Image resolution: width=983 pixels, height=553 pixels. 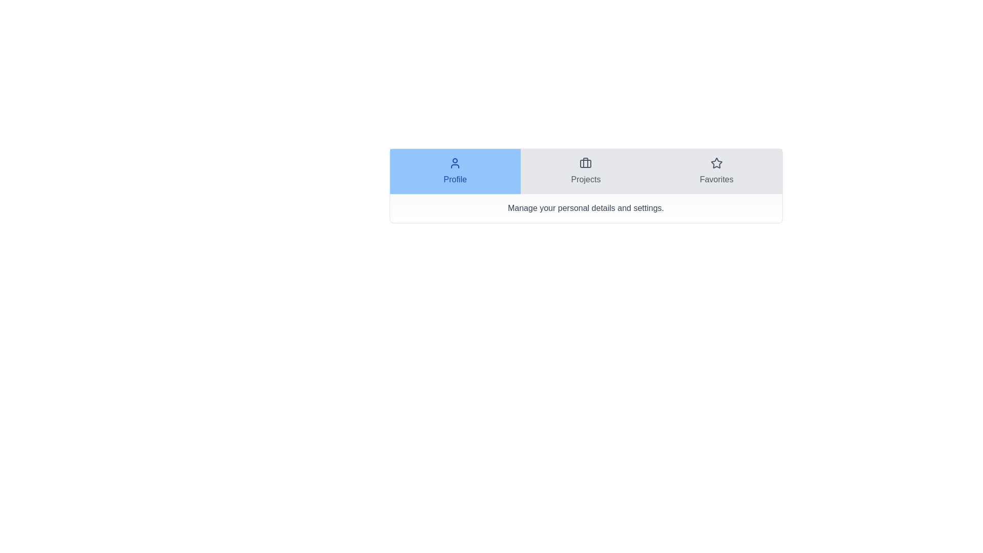 What do you see at coordinates (585, 171) in the screenshot?
I see `the tab labeled Projects` at bounding box center [585, 171].